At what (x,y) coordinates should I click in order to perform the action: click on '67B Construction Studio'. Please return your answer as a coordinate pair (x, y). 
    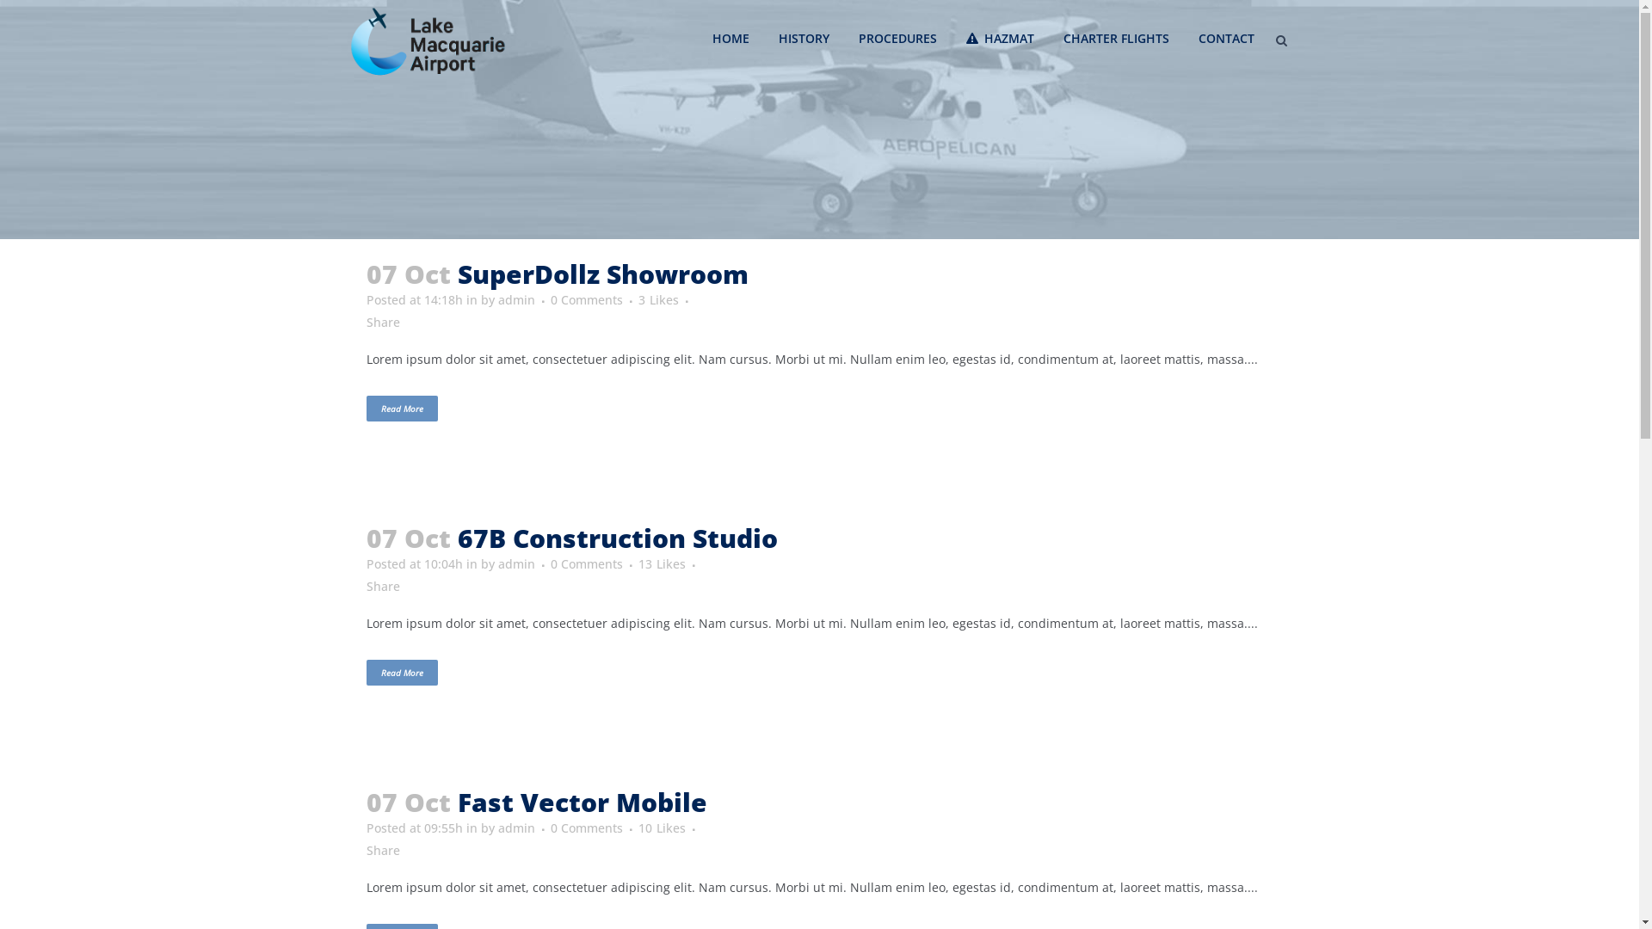
    Looking at the image, I should click on (458, 537).